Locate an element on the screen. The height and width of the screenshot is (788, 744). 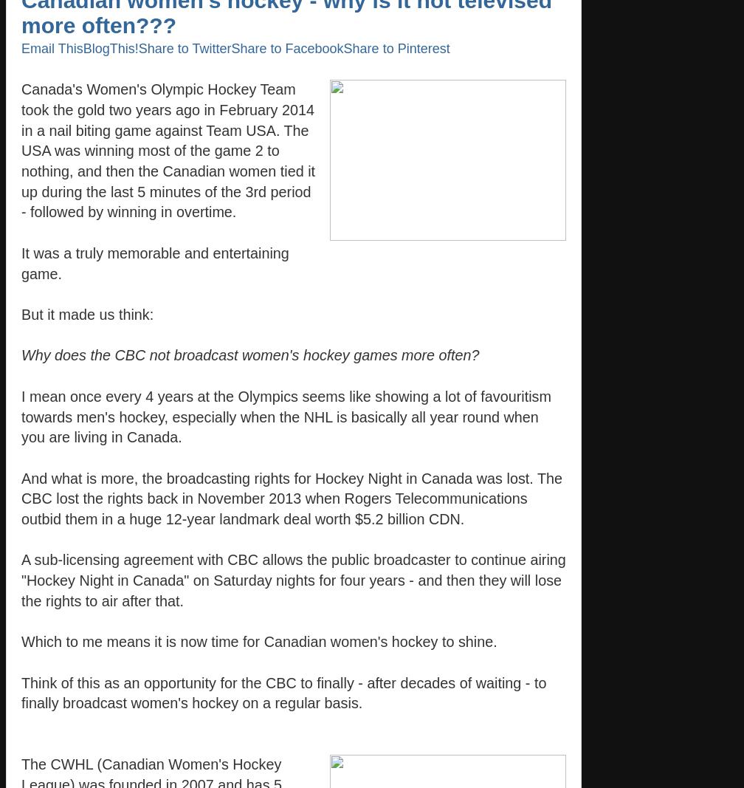
'A sub-licensing agreement with CBC allows the public broadcaster to  
continue airing "Hockey Night in Canada" on Saturday nights for four  
years - and then they will lose the rights to air after that.' is located at coordinates (293, 579).